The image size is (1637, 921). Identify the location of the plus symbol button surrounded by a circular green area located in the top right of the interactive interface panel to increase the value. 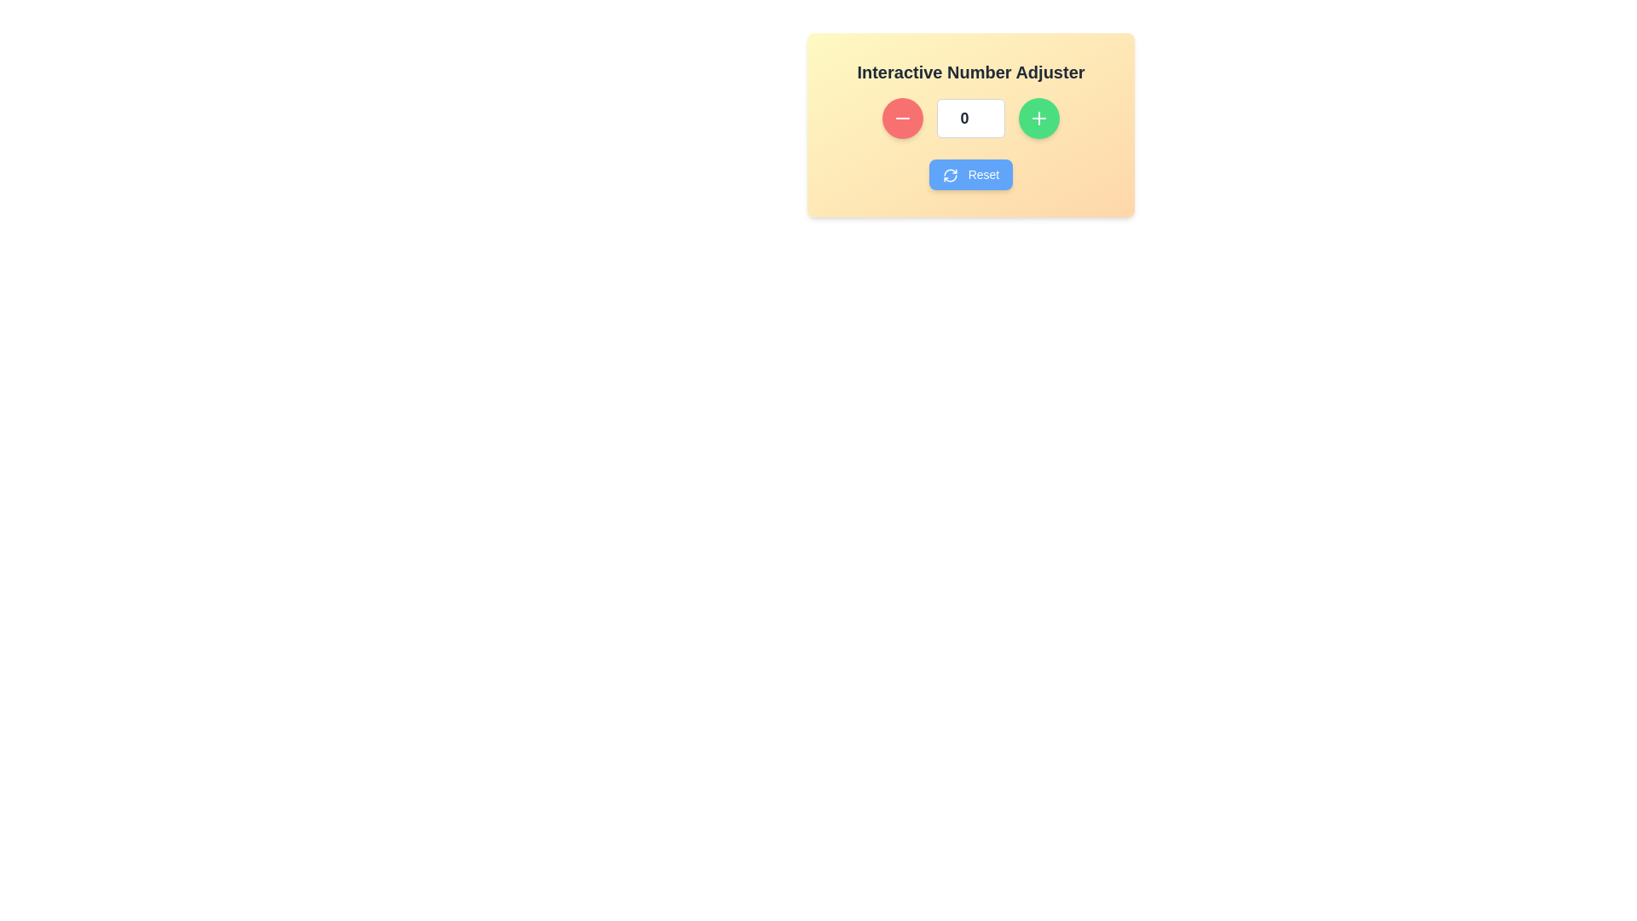
(1038, 117).